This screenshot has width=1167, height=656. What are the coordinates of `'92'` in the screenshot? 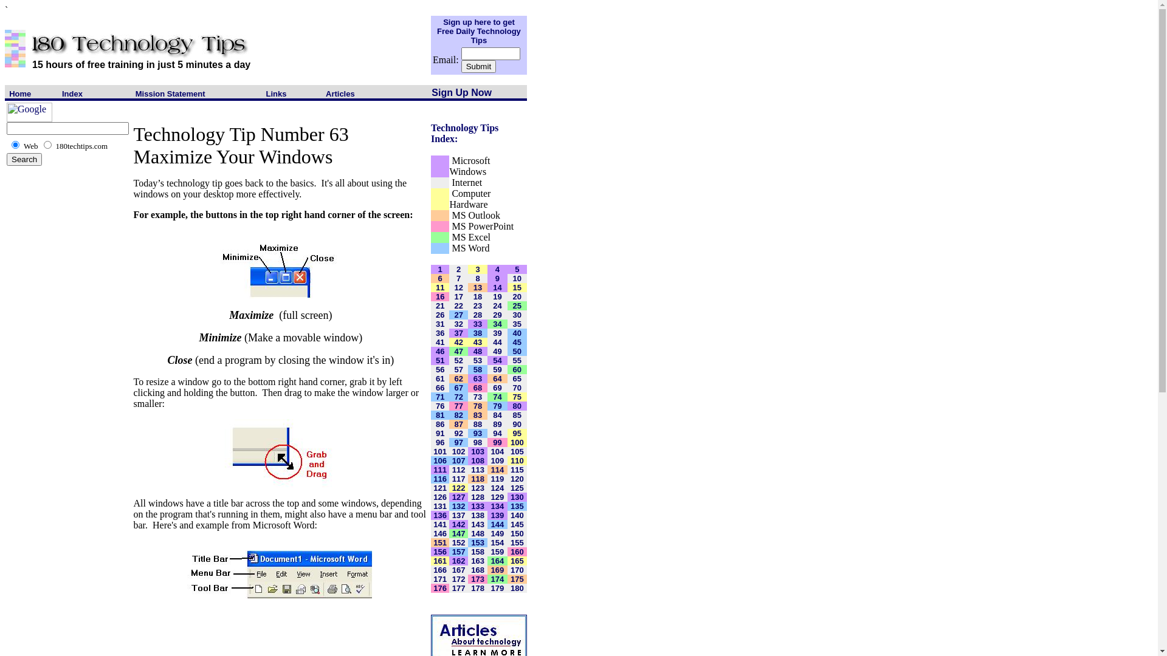 It's located at (457, 432).